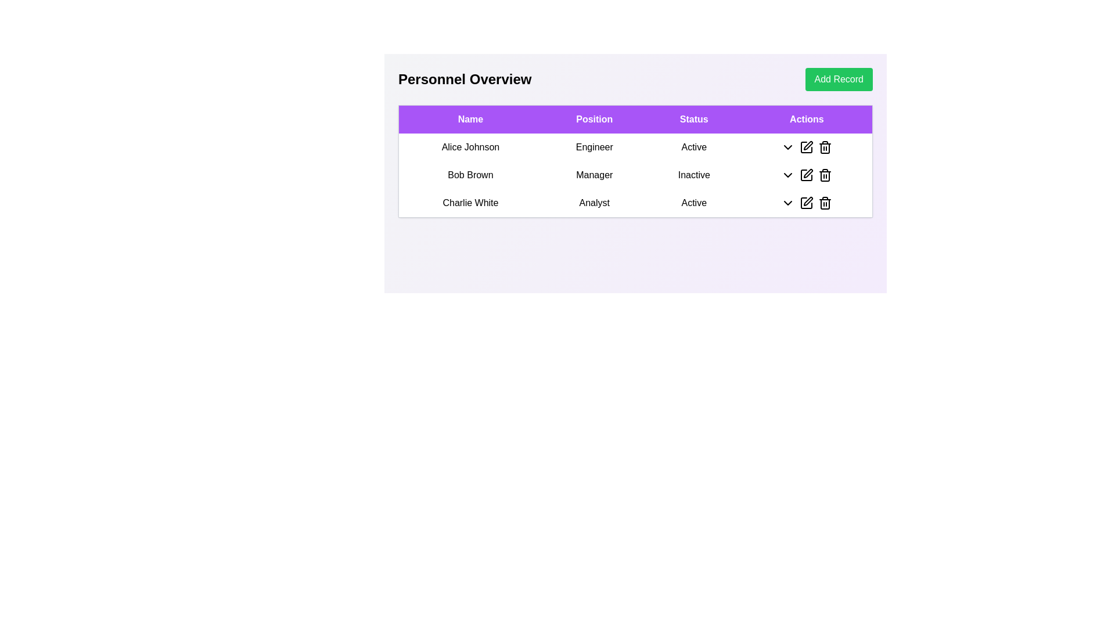  I want to click on the trash bin icon in the third row under the 'Actions' column to initiate a delete action for Charlie White's entry, so click(825, 203).